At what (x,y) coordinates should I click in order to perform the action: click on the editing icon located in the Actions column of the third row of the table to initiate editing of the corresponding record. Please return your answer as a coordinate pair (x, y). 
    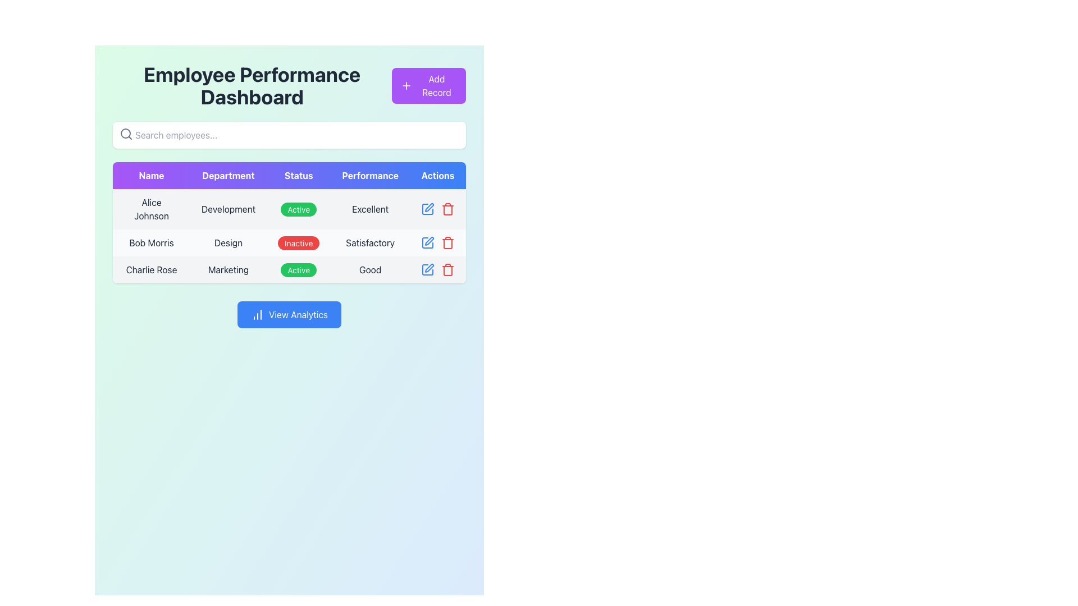
    Looking at the image, I should click on (428, 268).